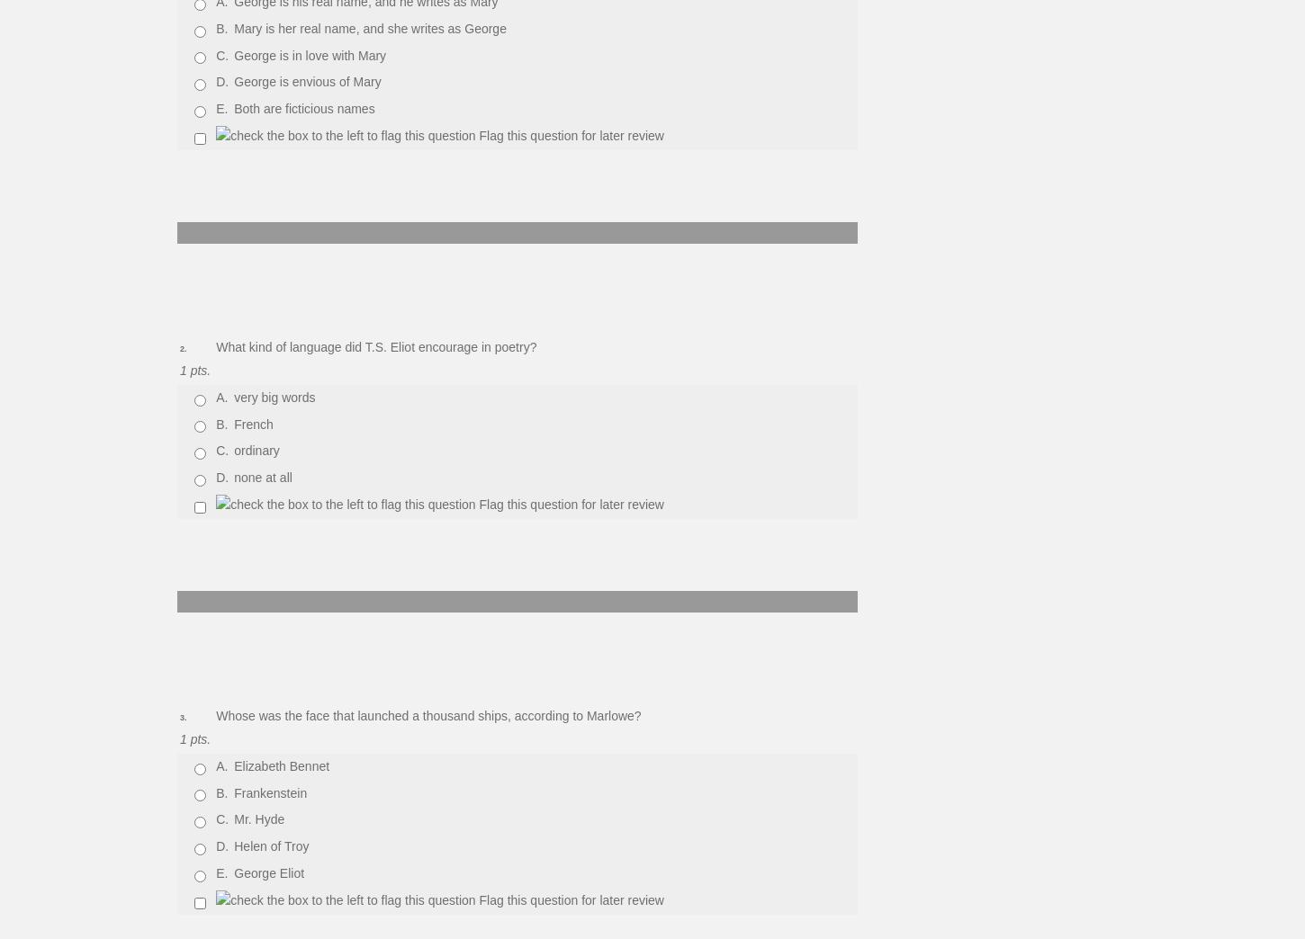  Describe the element at coordinates (274, 395) in the screenshot. I see `'very big words'` at that location.